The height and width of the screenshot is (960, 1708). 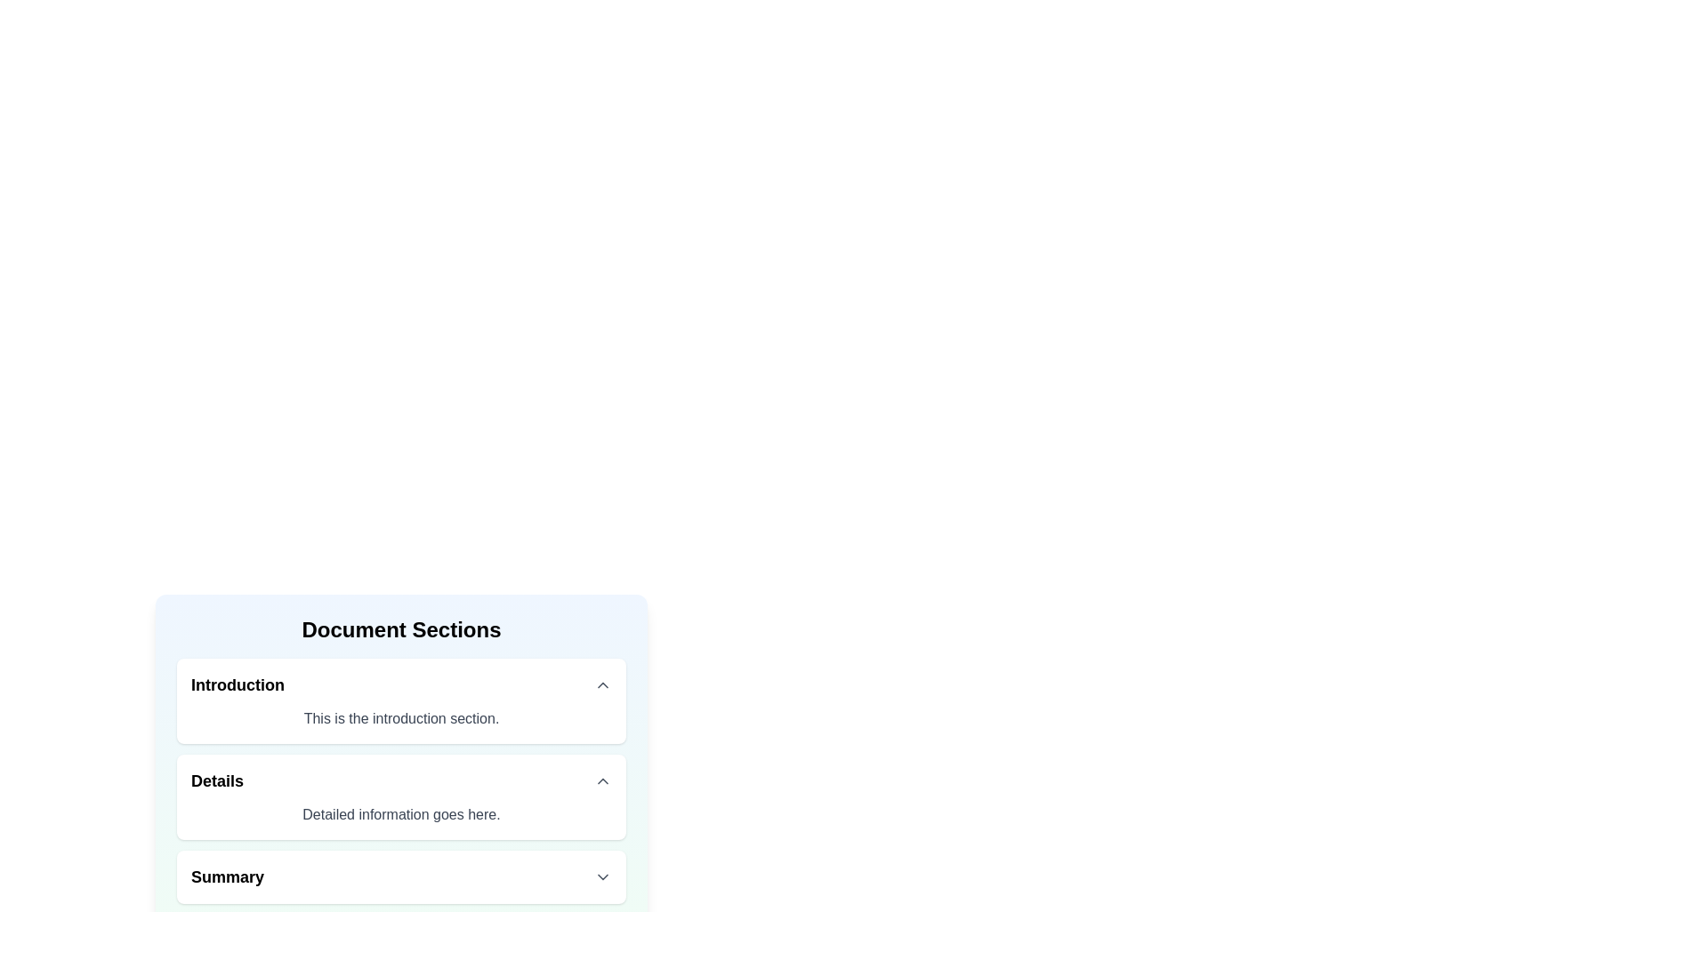 I want to click on the 'Add Section' button to add a new section, so click(x=241, y=935).